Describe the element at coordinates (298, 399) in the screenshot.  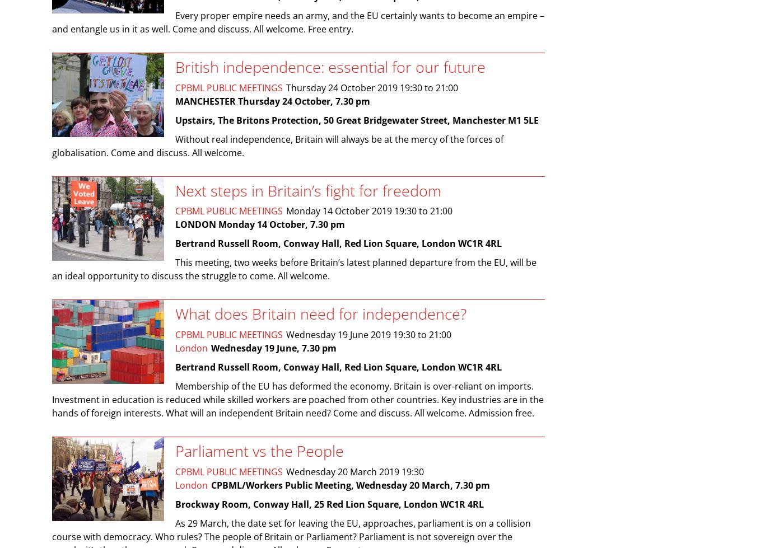
I see `'Membership of the EU has deformed the economy. Britain is over-reliant on imports. Investment in education is reduced while skilled workers are poached from other countries. Key industries are in the hands of foreign interests. What will an independent Britain need? ​​​​​​Come and discuss. All welcome. Admission free.'` at that location.